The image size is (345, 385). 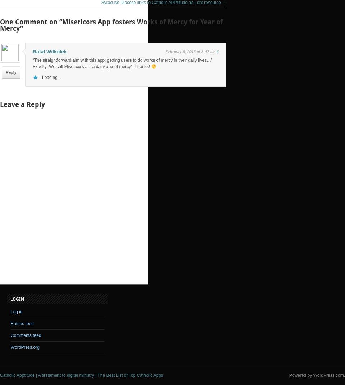 What do you see at coordinates (217, 51) in the screenshot?
I see `'#'` at bounding box center [217, 51].